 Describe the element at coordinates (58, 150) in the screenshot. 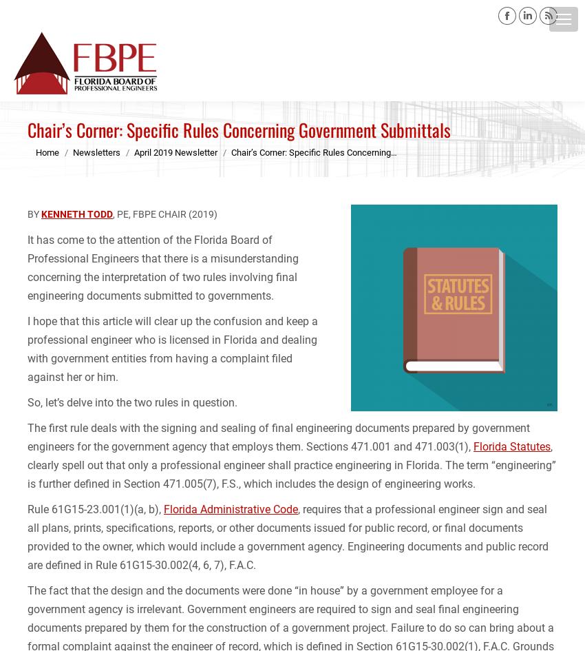

I see `'You are here:'` at that location.